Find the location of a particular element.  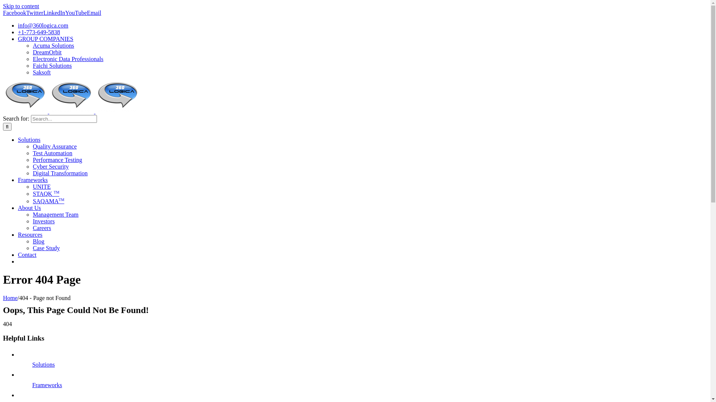

'Acuma Solutions' is located at coordinates (53, 45).